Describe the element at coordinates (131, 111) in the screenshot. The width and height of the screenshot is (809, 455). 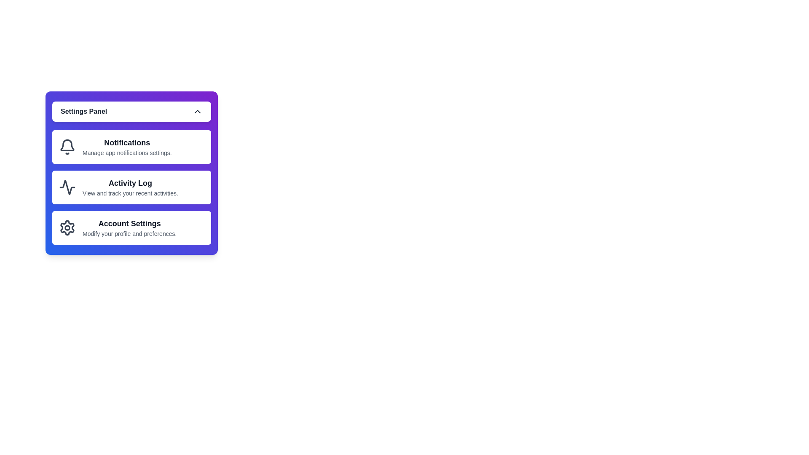
I see `the 'Settings Panel' button to toggle the panel's state` at that location.